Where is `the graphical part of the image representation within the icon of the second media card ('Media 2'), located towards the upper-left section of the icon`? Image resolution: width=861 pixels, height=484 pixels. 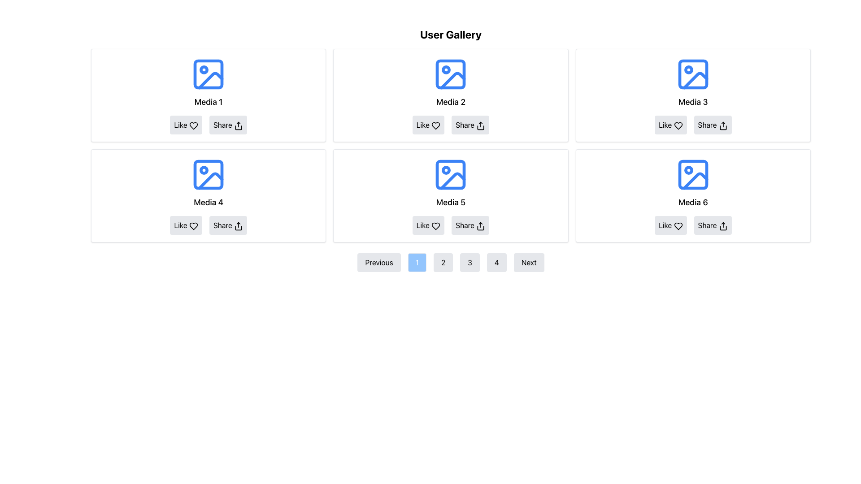
the graphical part of the image representation within the icon of the second media card ('Media 2'), located towards the upper-left section of the icon is located at coordinates (451, 73).